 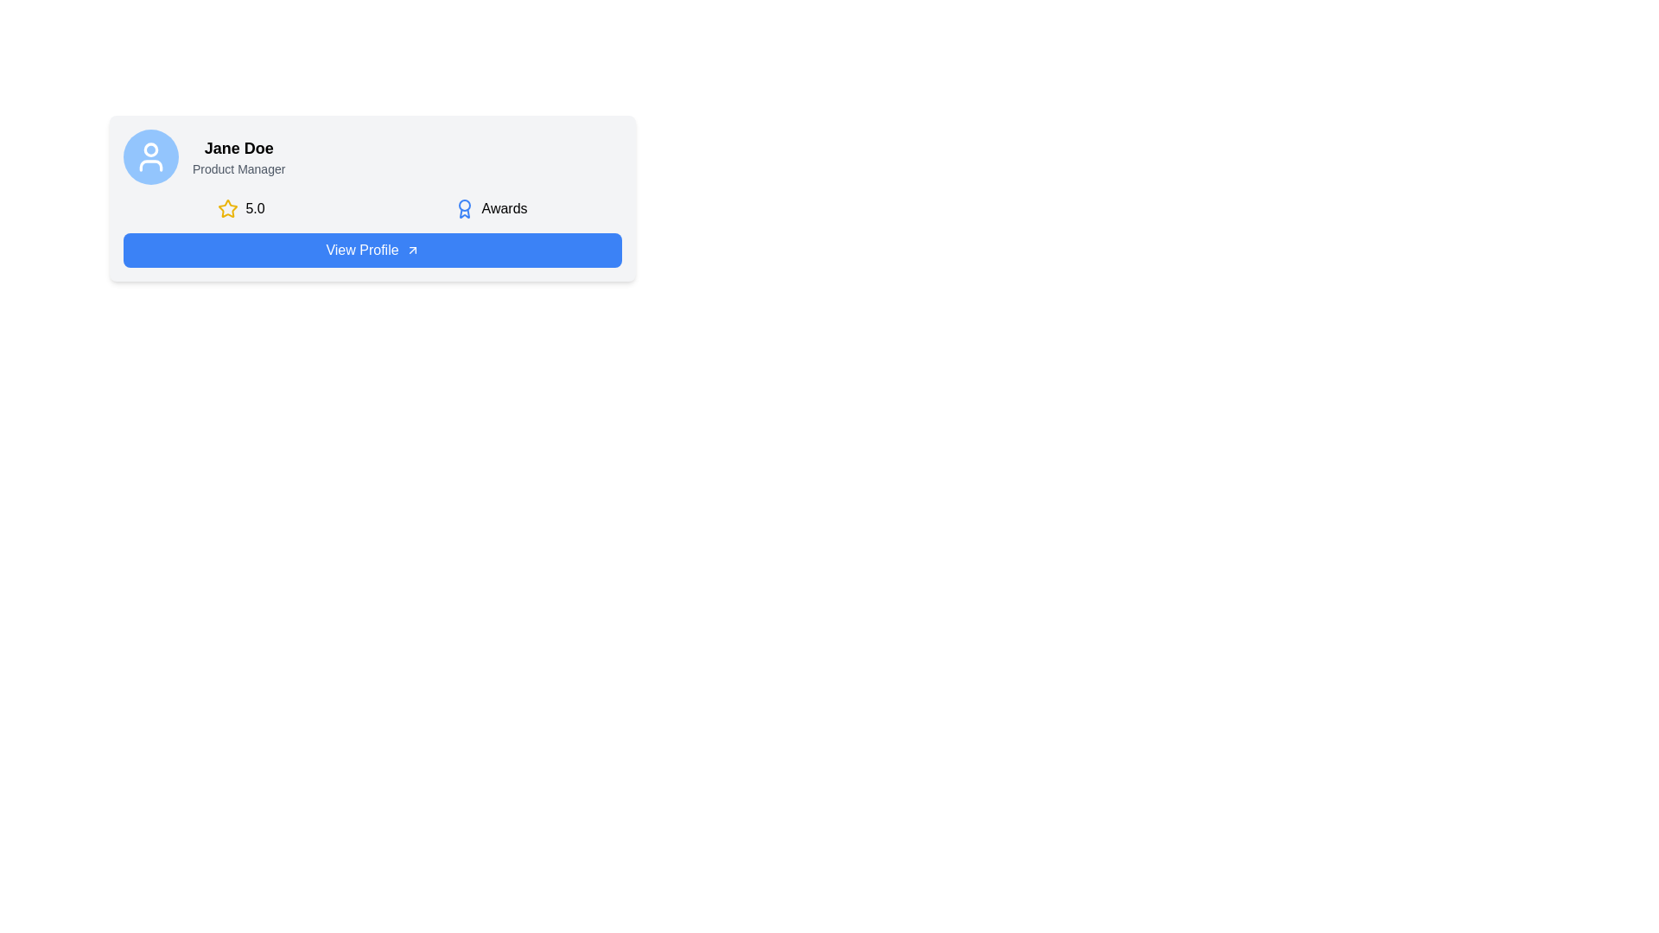 I want to click on the composite display element consisting of a star icon with a yellow outline and the numerical text '5.0', so click(x=240, y=208).